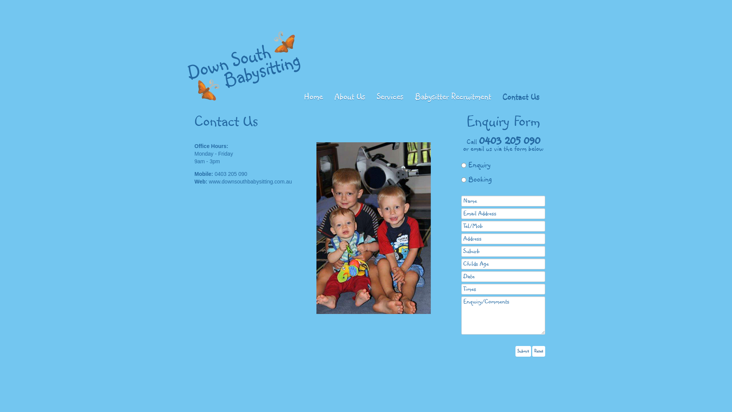  What do you see at coordinates (520, 97) in the screenshot?
I see `'Contact Us'` at bounding box center [520, 97].